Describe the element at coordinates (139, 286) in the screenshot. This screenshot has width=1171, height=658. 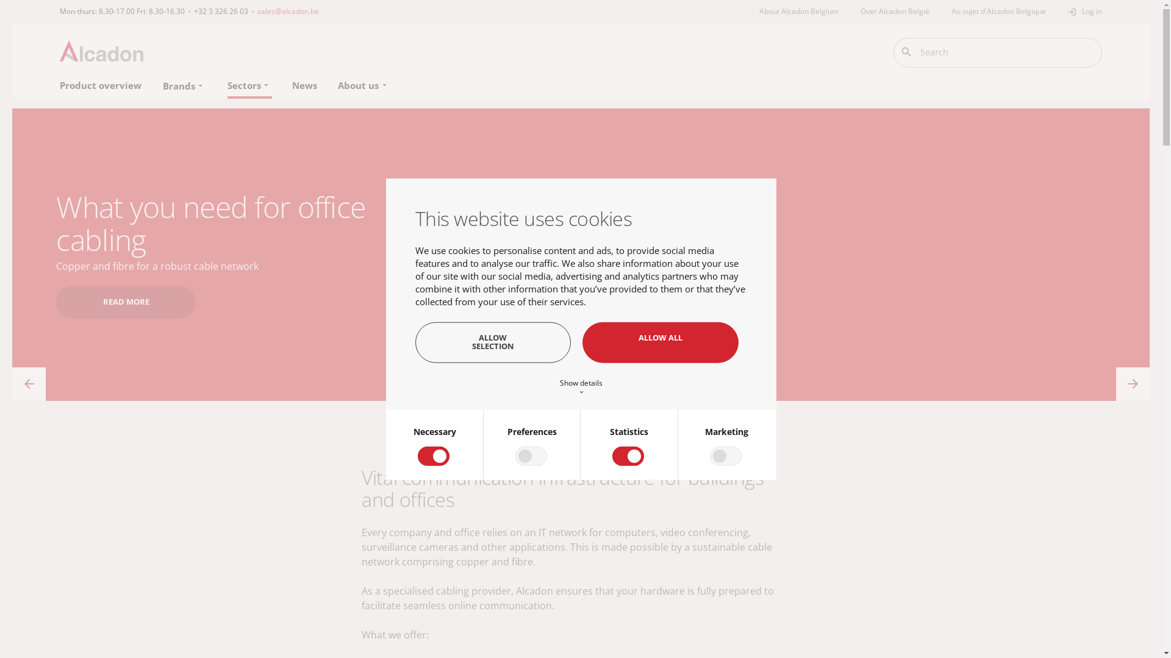
I see `'MEET THE BRANDS'` at that location.